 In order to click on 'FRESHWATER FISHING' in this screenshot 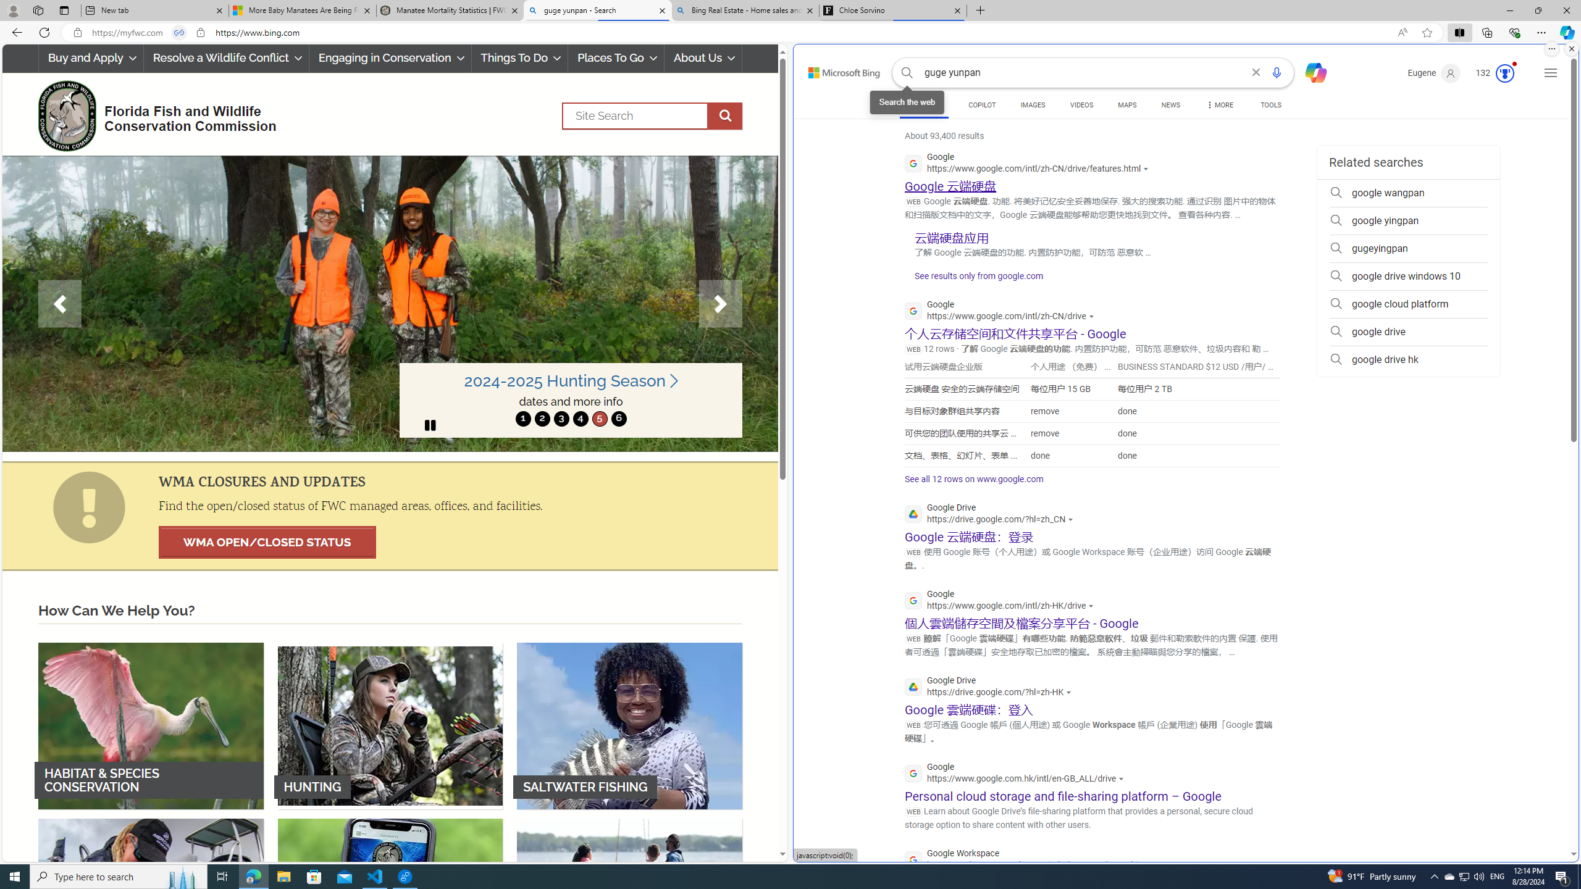, I will do `click(151, 889)`.